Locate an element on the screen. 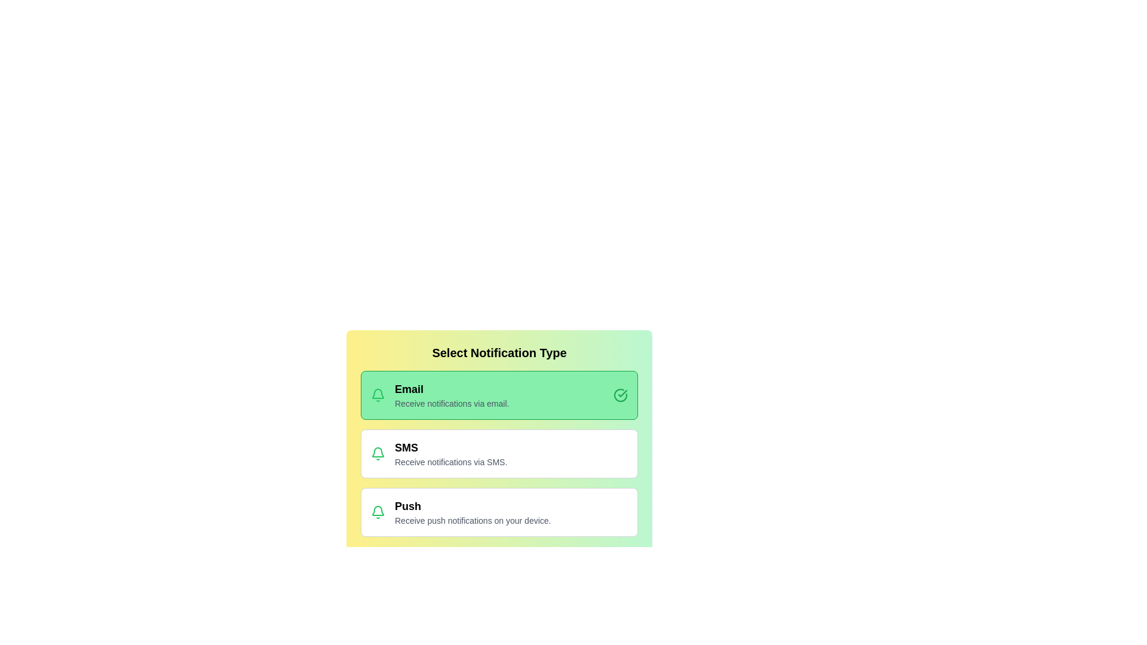 This screenshot has height=645, width=1147. the text label that says 'Receive notifications via email,' which is styled in a small gray font and located directly beneath the 'Email' header in the notification types selection interface is located at coordinates (504, 403).